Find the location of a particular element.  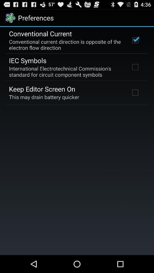

the iec symbols item is located at coordinates (27, 60).